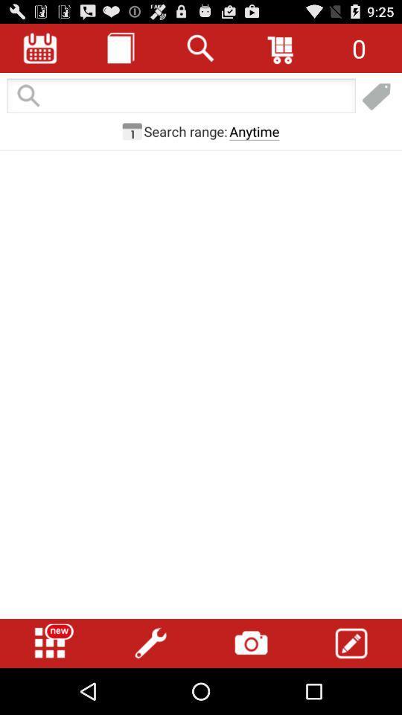 This screenshot has height=715, width=402. I want to click on make a note, so click(351, 643).